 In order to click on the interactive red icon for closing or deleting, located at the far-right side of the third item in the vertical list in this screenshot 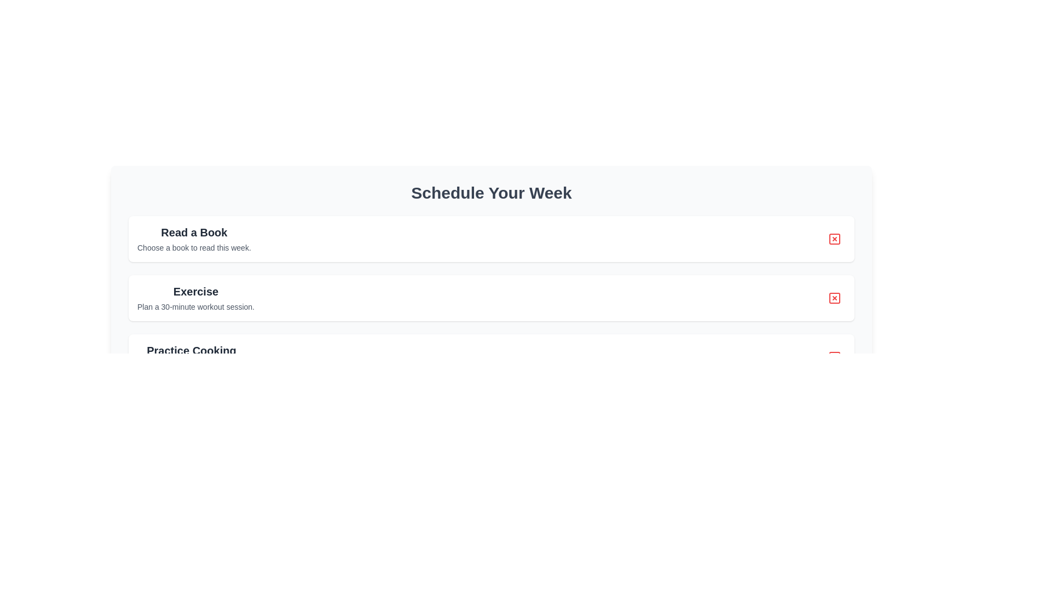, I will do `click(834, 416)`.